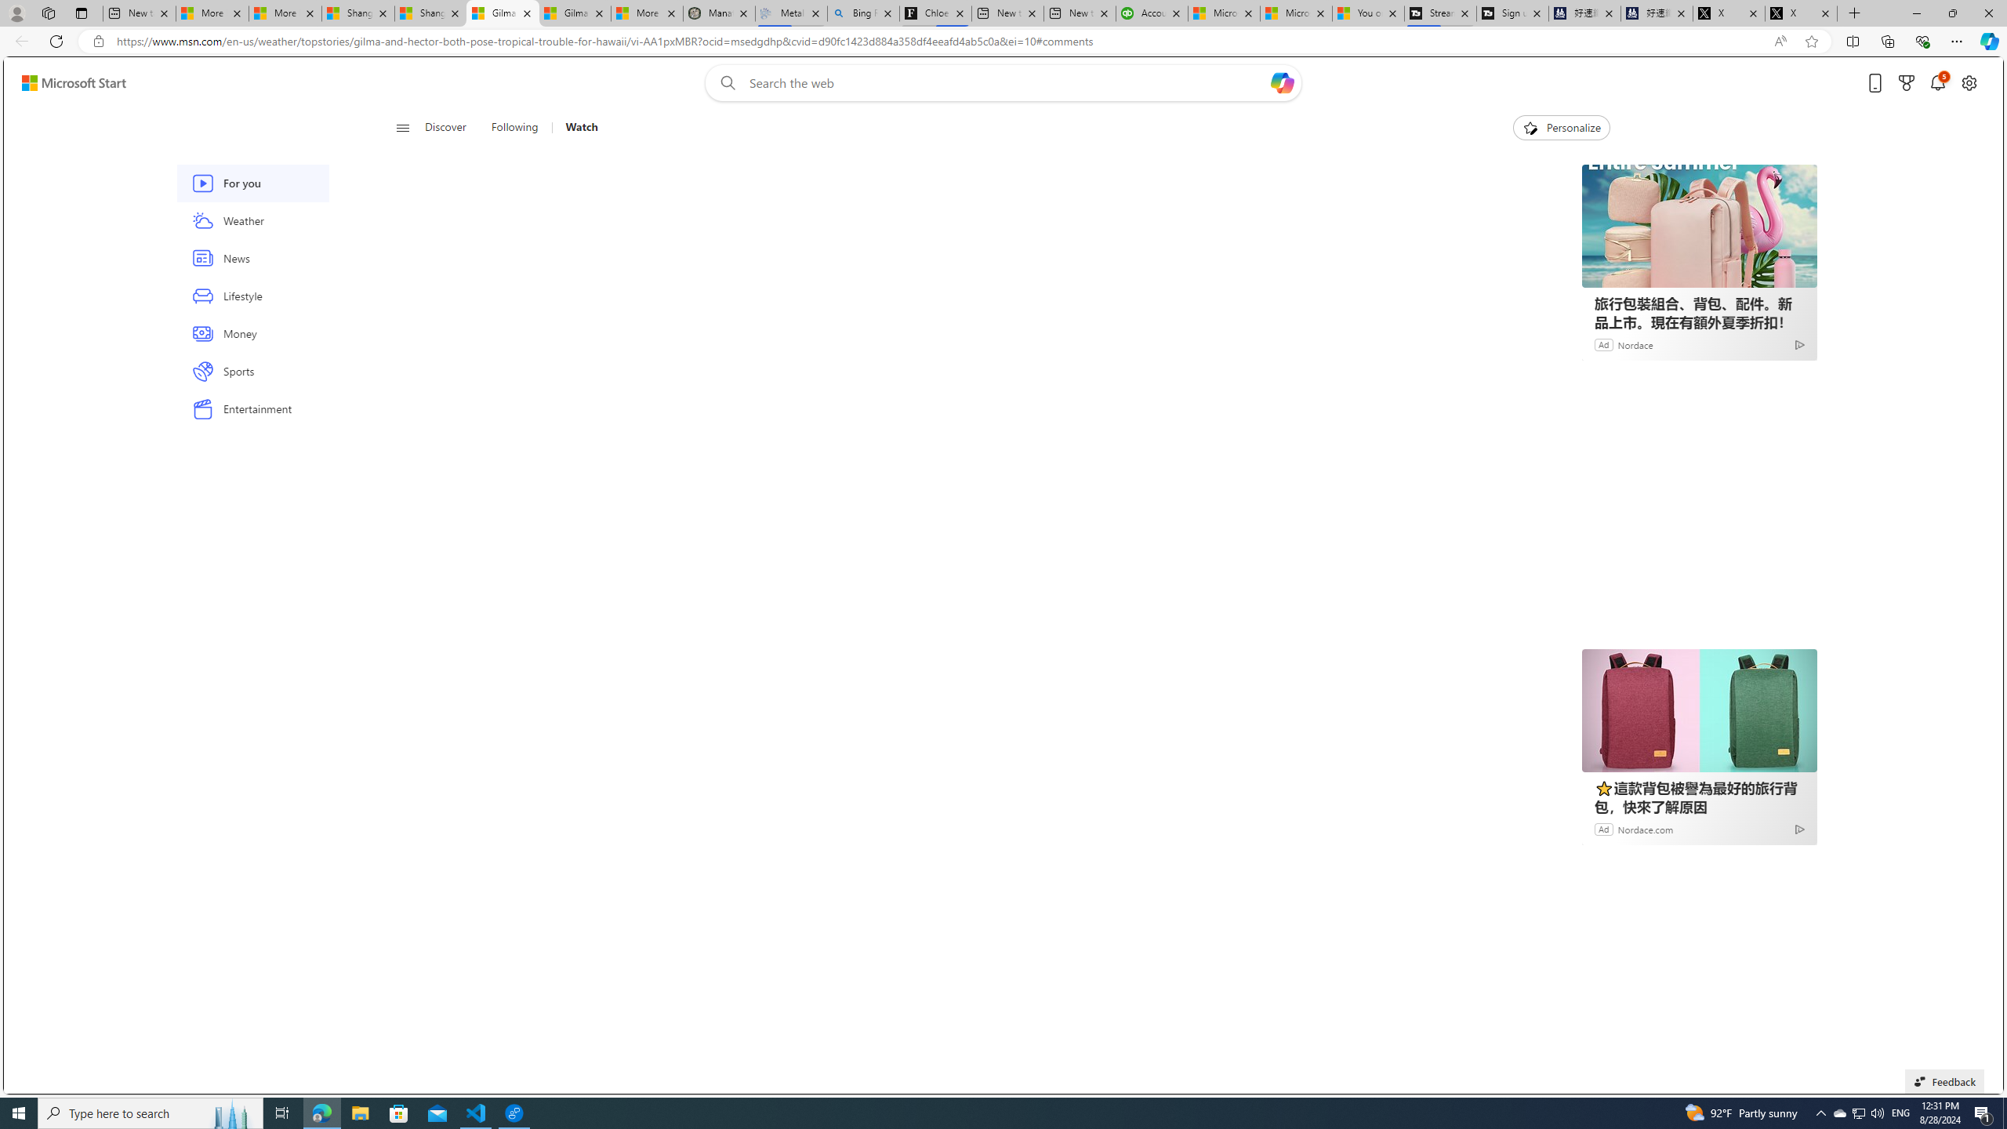 This screenshot has height=1129, width=2007. What do you see at coordinates (402, 126) in the screenshot?
I see `'Open navigation menu'` at bounding box center [402, 126].